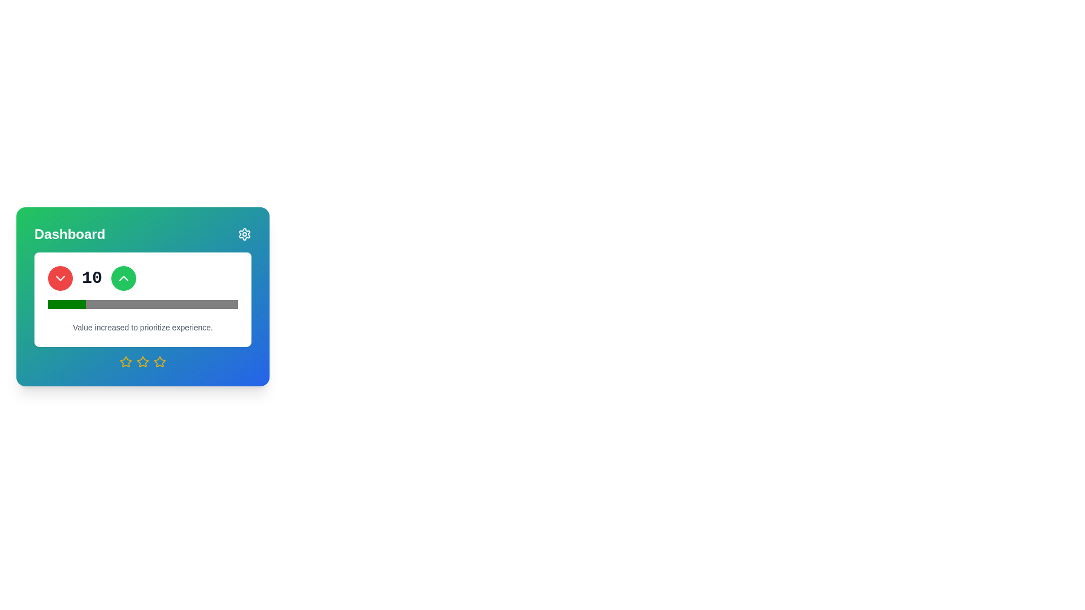  Describe the element at coordinates (142, 304) in the screenshot. I see `the horizontal progress bar with a gray background and indigo filled portion, which is located below the numeric display ('10') and above the text line ('Value increased to prioritize experience')` at that location.